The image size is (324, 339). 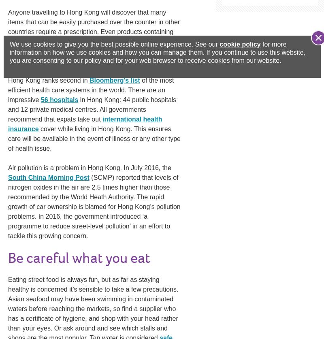 What do you see at coordinates (85, 124) in the screenshot?
I see `'international health insurance'` at bounding box center [85, 124].